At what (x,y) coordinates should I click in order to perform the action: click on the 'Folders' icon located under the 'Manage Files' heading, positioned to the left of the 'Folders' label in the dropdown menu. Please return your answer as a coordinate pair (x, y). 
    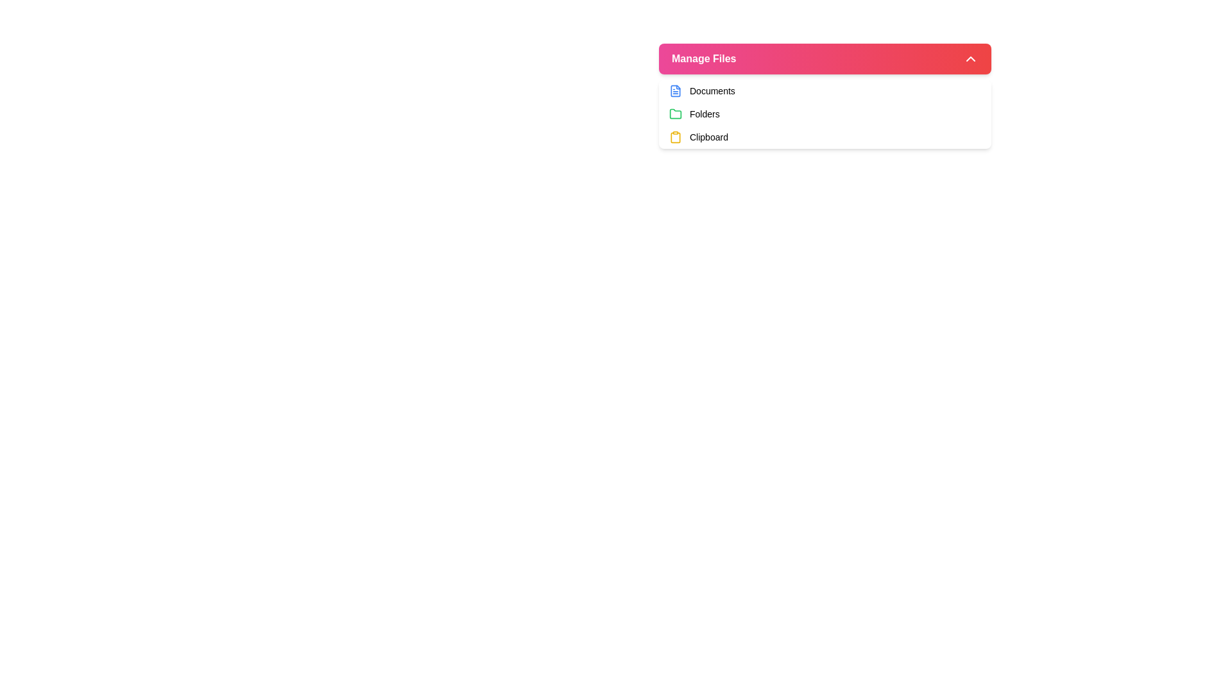
    Looking at the image, I should click on (674, 113).